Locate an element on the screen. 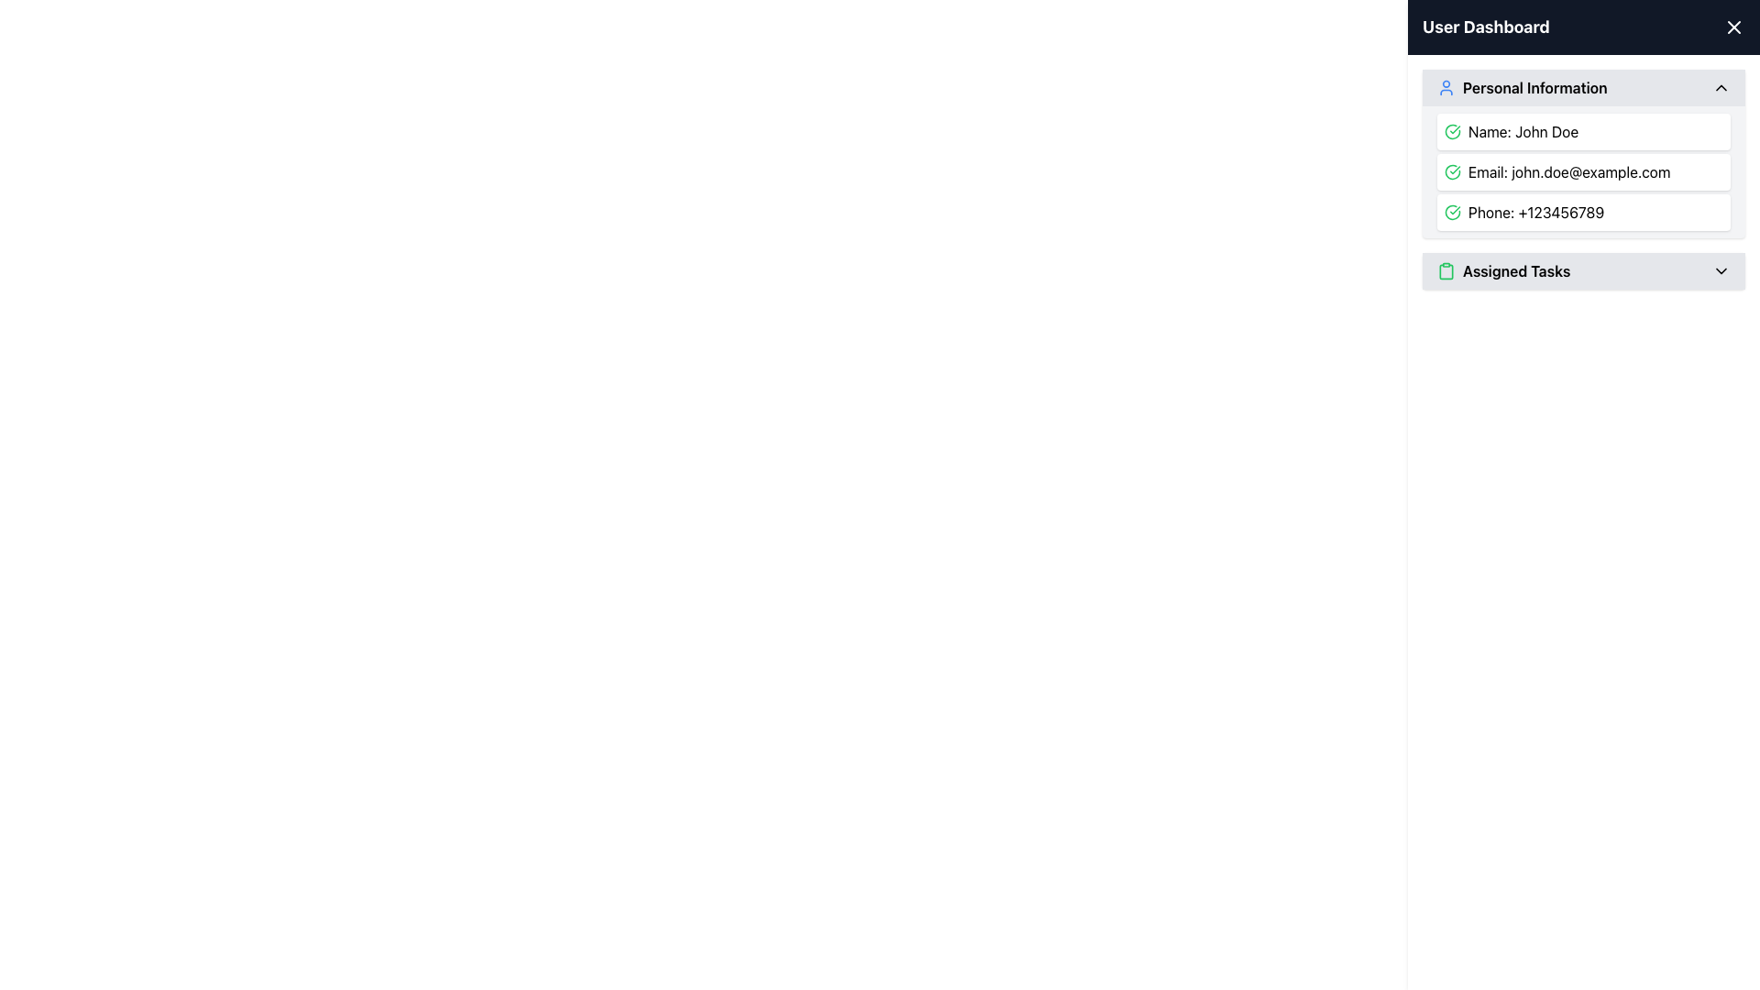 This screenshot has width=1760, height=990. the Collapsible Section Header titled 'Assigned Tasks' for navigation is located at coordinates (1583, 271).